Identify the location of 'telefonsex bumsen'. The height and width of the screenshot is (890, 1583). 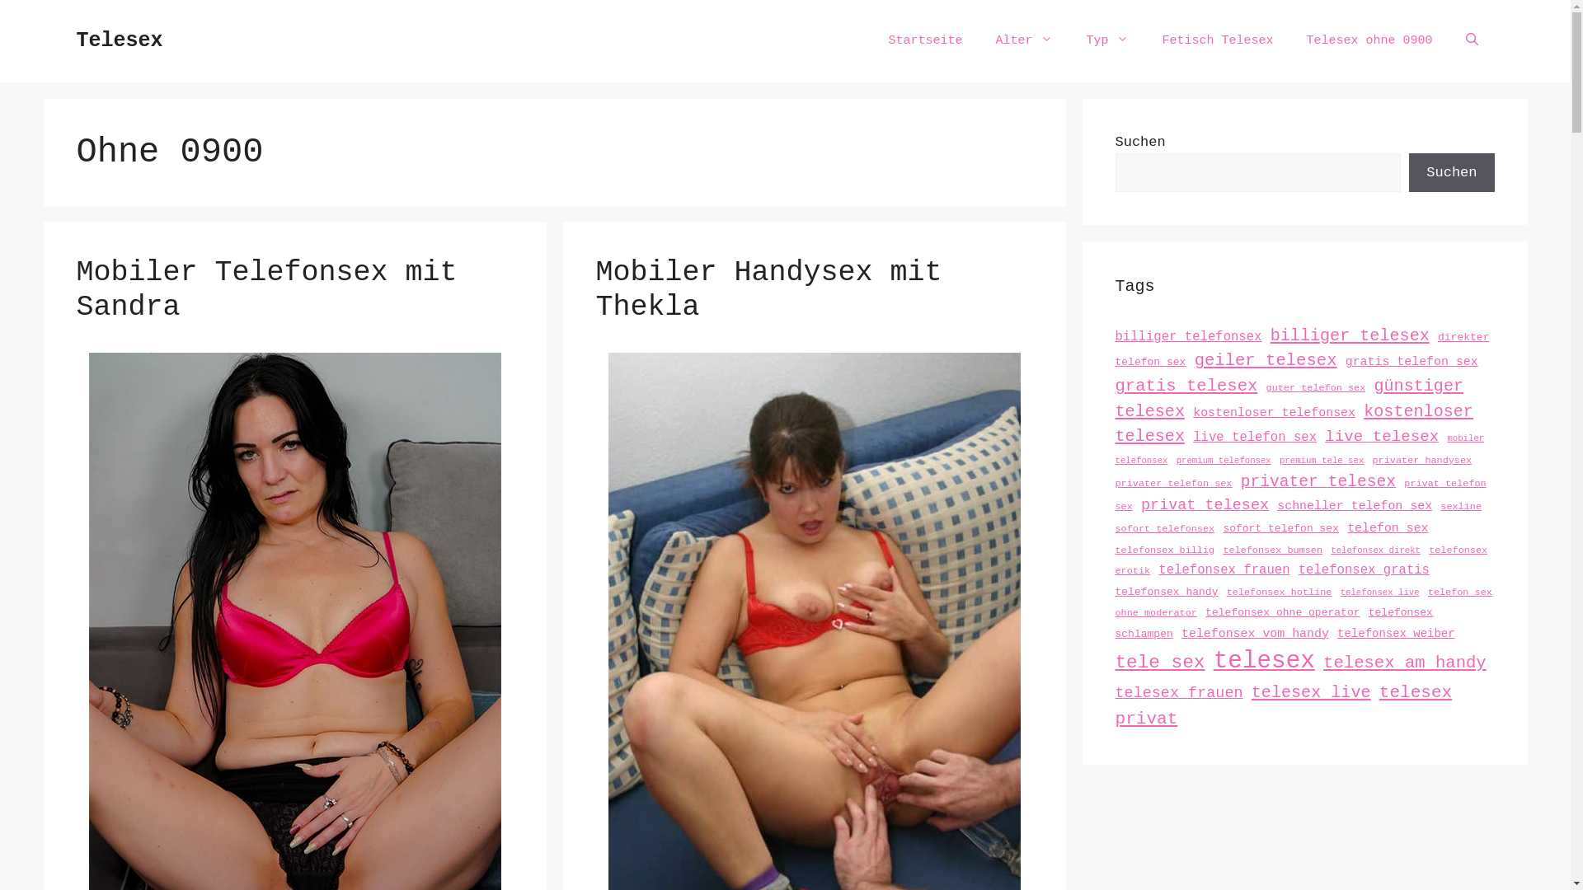
(1271, 550).